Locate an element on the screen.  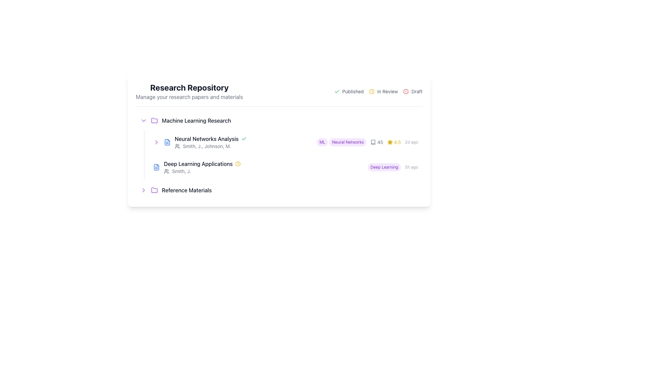
the center of the star icon located in the top-right section of the ratings card, adjacent to the numeric rating text '4.5' is located at coordinates (390, 142).